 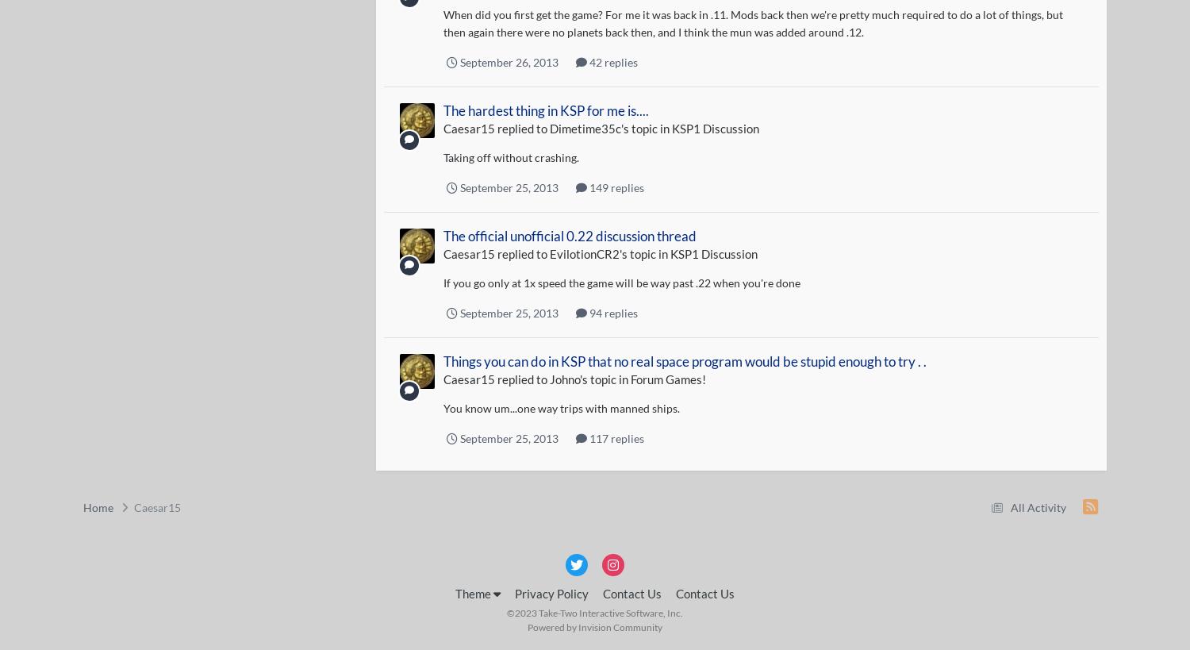 What do you see at coordinates (99, 506) in the screenshot?
I see `'Home'` at bounding box center [99, 506].